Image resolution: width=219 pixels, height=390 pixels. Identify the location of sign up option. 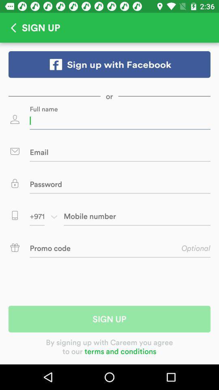
(109, 64).